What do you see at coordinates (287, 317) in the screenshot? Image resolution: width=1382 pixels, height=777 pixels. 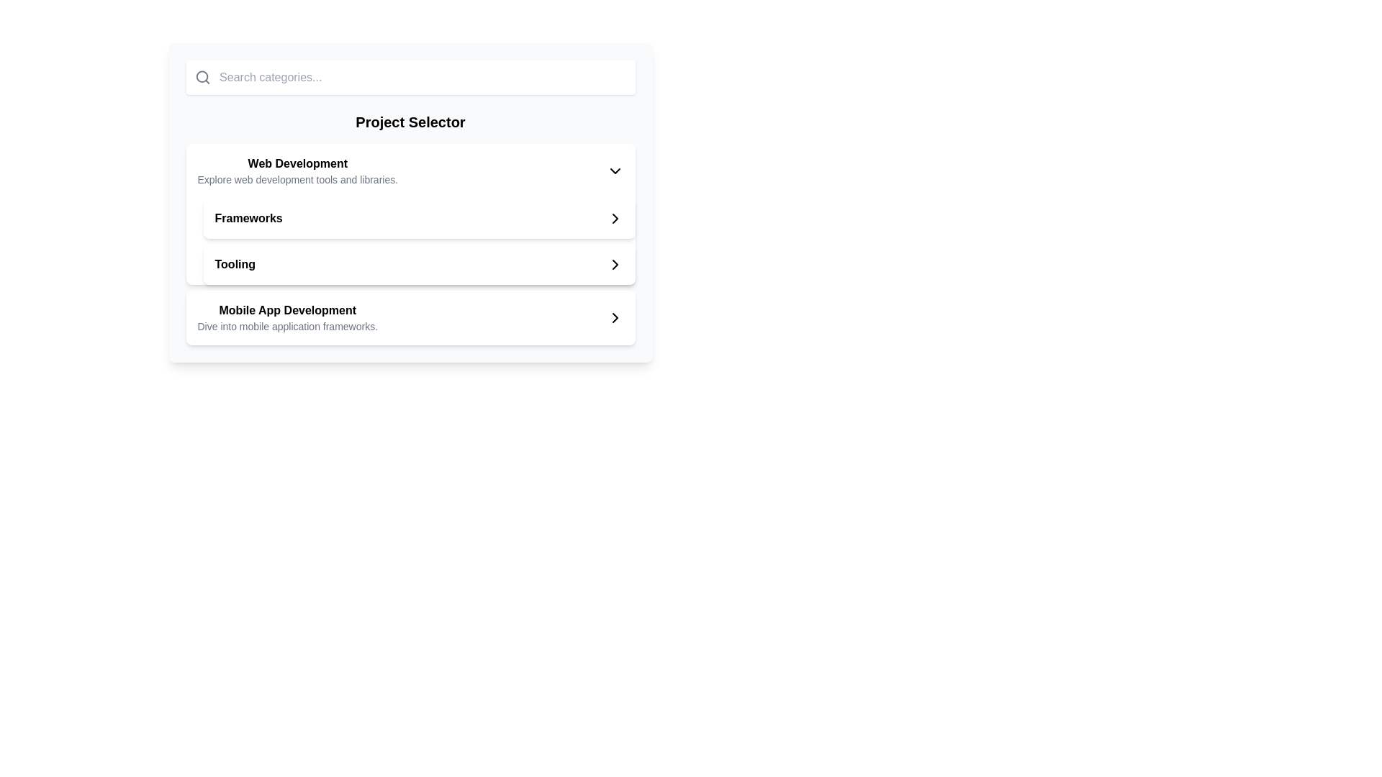 I see `the third and last List Item with Text Content serving as a navigation button for the 'Mobile App Development' category in the 'Project Selector' card layout` at bounding box center [287, 317].